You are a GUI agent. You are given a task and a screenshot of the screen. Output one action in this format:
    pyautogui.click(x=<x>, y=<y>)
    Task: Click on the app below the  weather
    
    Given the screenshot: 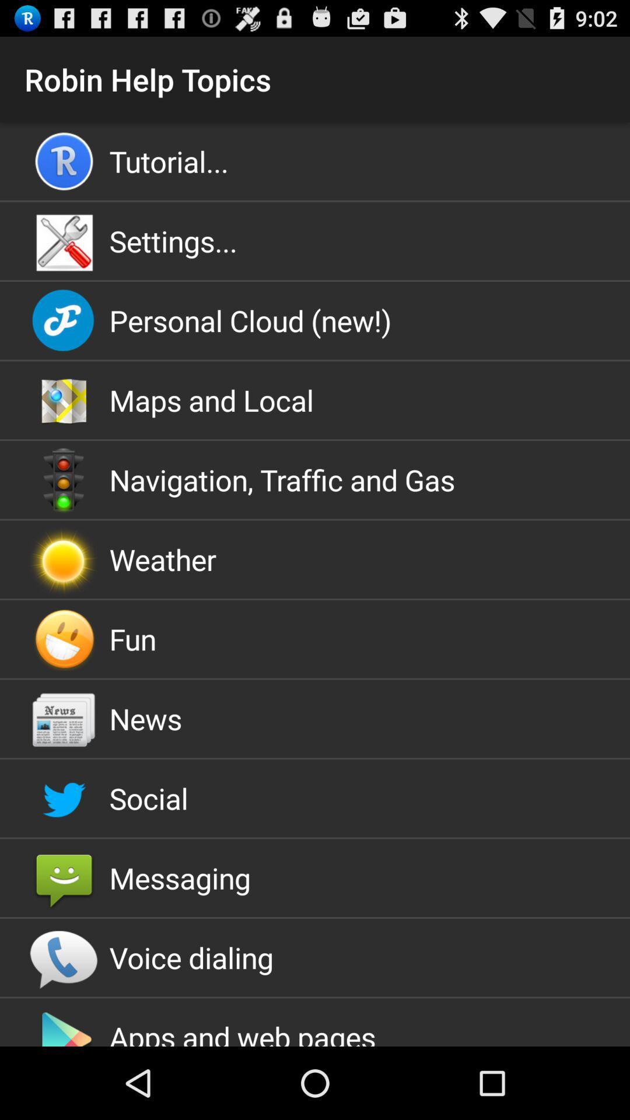 What is the action you would take?
    pyautogui.click(x=315, y=638)
    